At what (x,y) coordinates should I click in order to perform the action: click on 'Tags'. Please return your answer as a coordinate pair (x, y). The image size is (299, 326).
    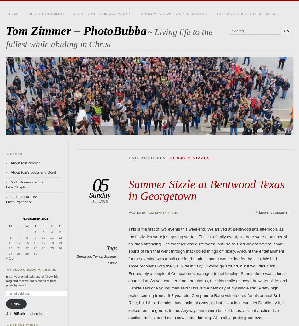
    Looking at the image, I should click on (106, 248).